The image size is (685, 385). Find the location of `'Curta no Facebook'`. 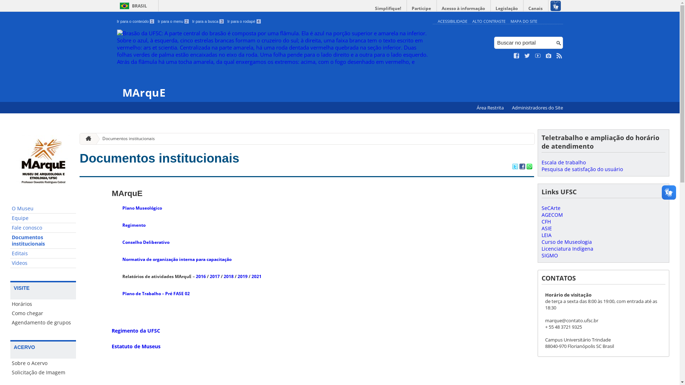

'Curta no Facebook' is located at coordinates (517, 56).